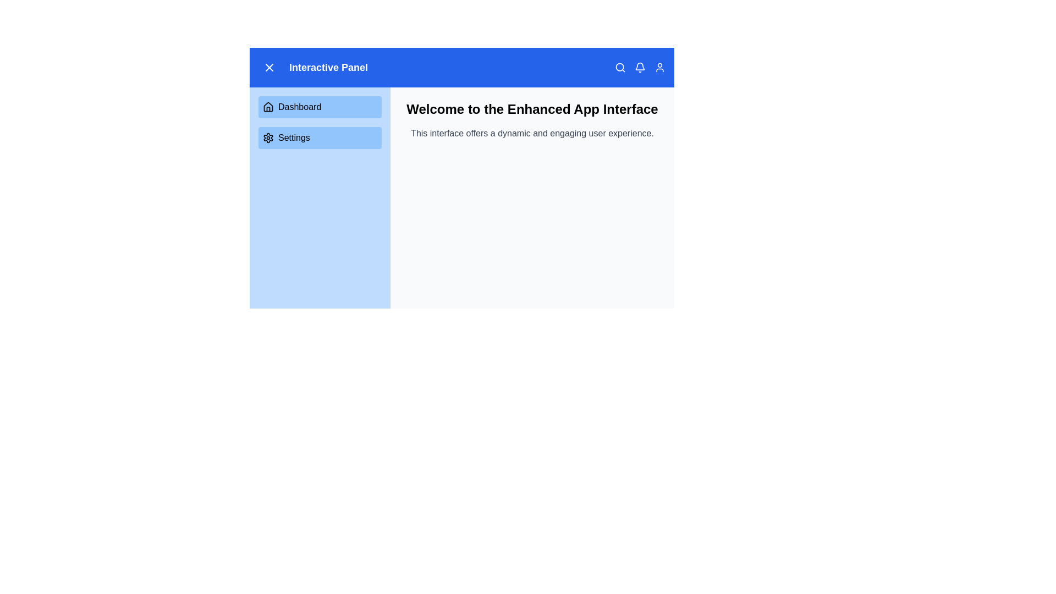  Describe the element at coordinates (640, 66) in the screenshot. I see `the bell icon in the top-right corner of the application's header bar, which represents notifications` at that location.